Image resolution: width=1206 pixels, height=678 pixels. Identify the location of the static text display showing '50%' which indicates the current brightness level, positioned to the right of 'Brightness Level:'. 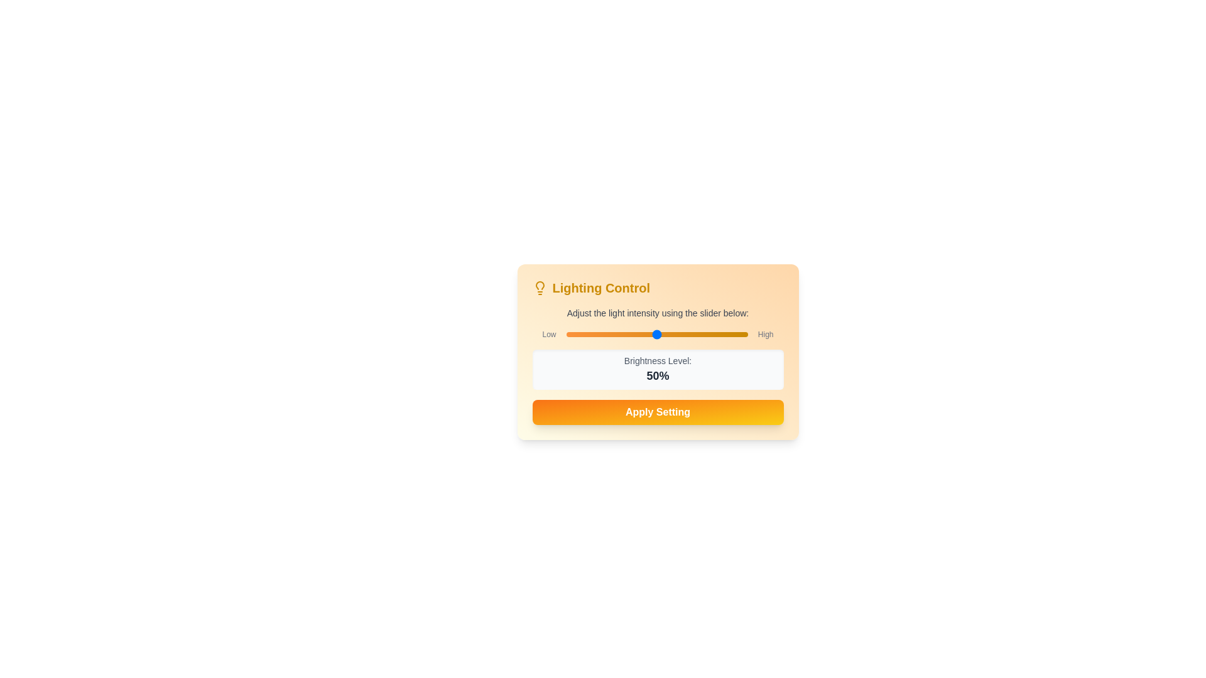
(657, 375).